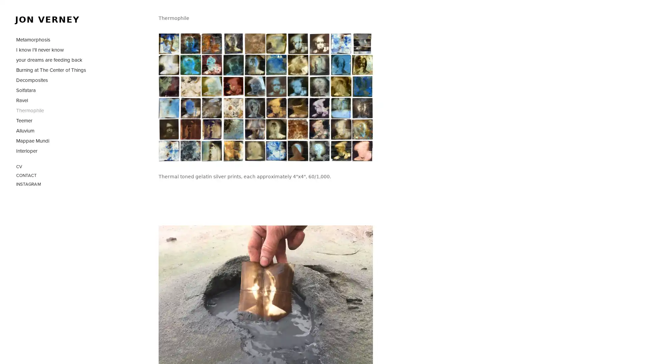  I want to click on View fullsize jon_verney_thermophile_15.jpg, so click(276, 43).